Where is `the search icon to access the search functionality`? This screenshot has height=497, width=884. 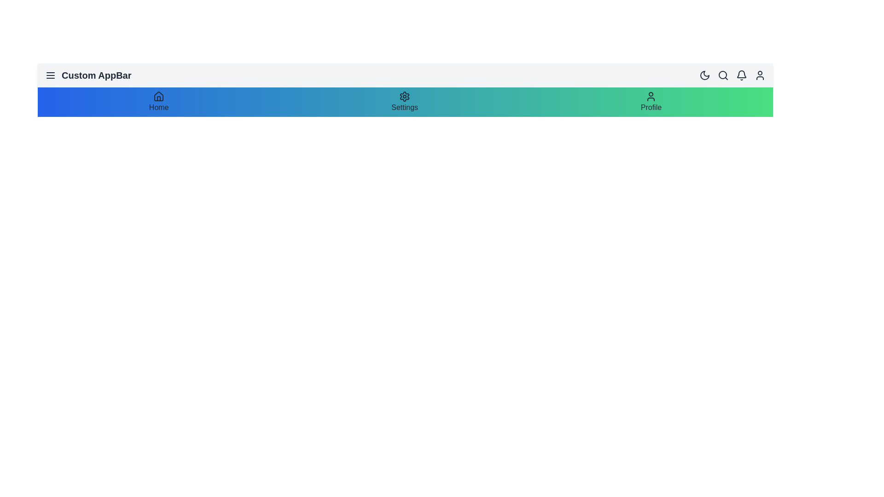
the search icon to access the search functionality is located at coordinates (722, 75).